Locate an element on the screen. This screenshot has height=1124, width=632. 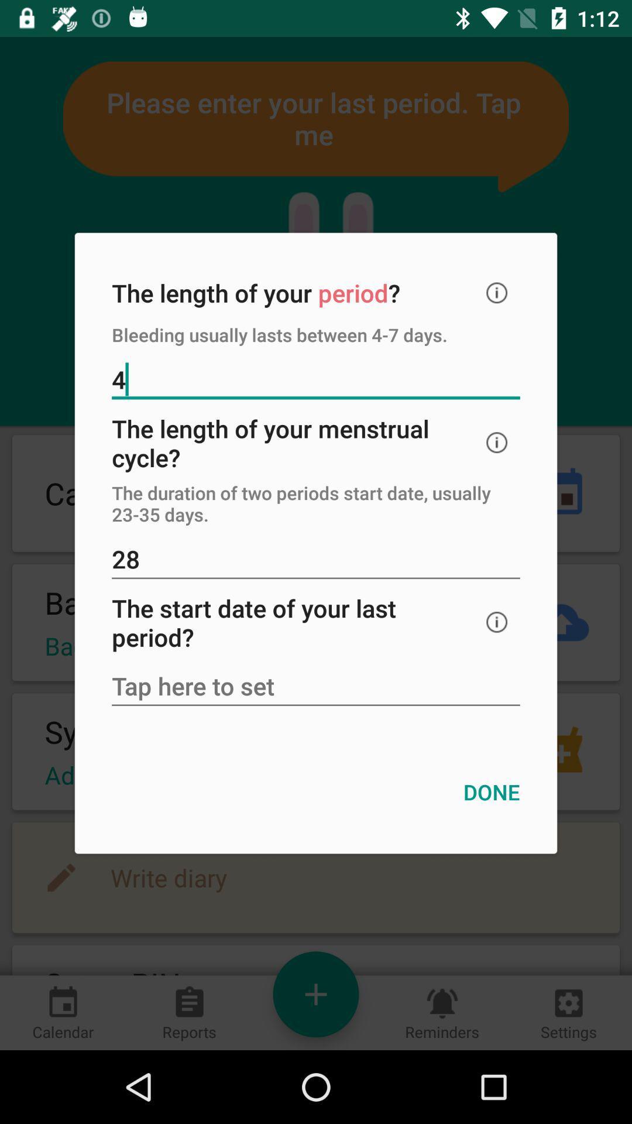
icon below the the duration of icon is located at coordinates (316, 560).